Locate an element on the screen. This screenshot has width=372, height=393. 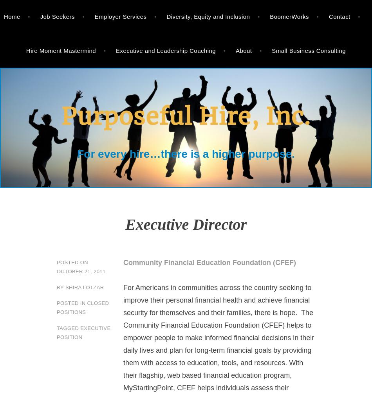
'Community Financial Education Foundation (CFEF)' is located at coordinates (123, 262).